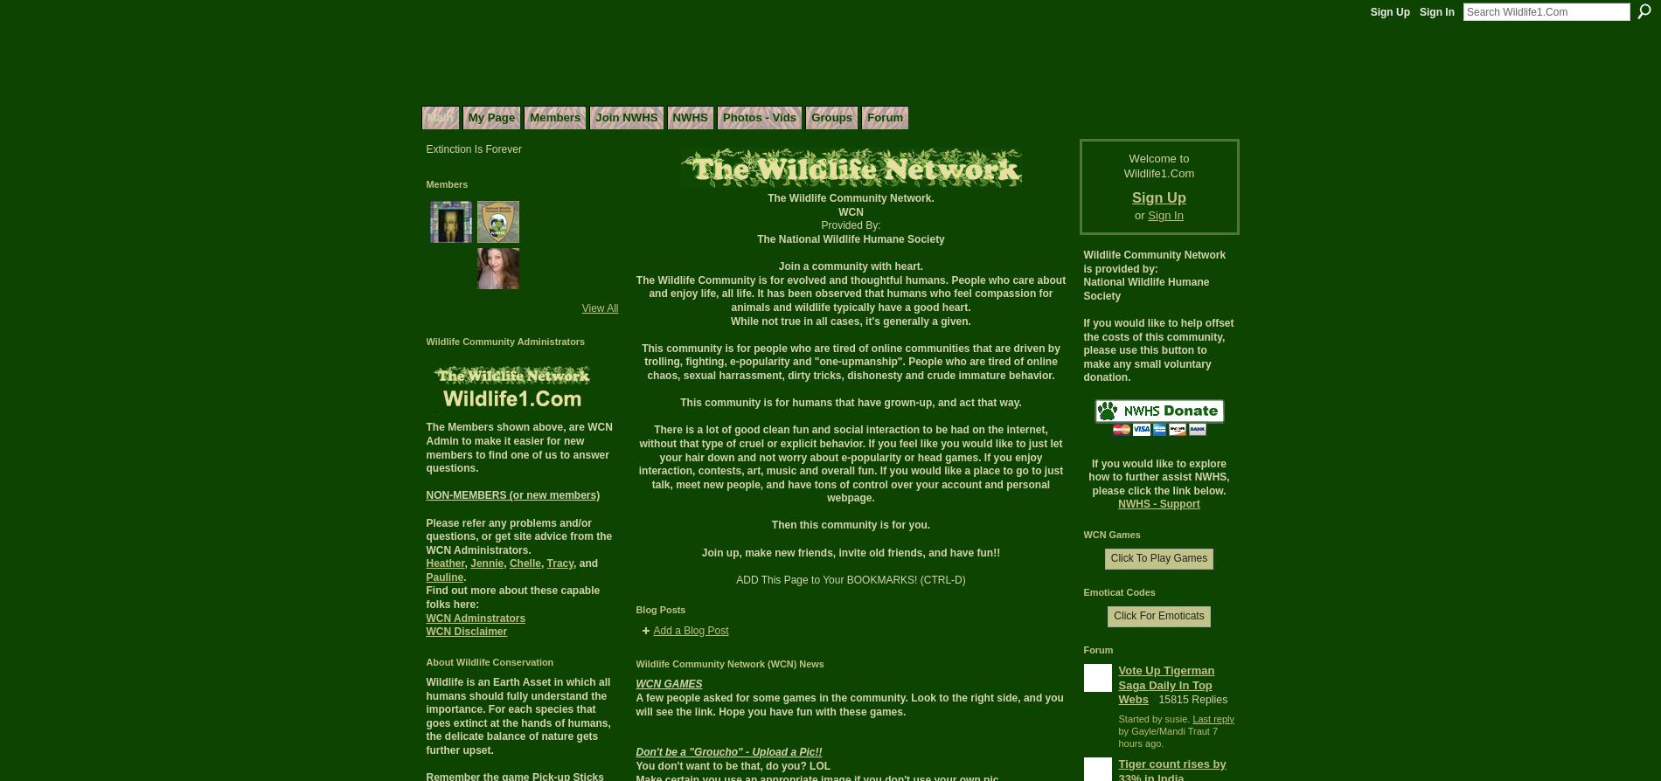 This screenshot has width=1661, height=781. I want to click on 'Chelle', so click(525, 563).